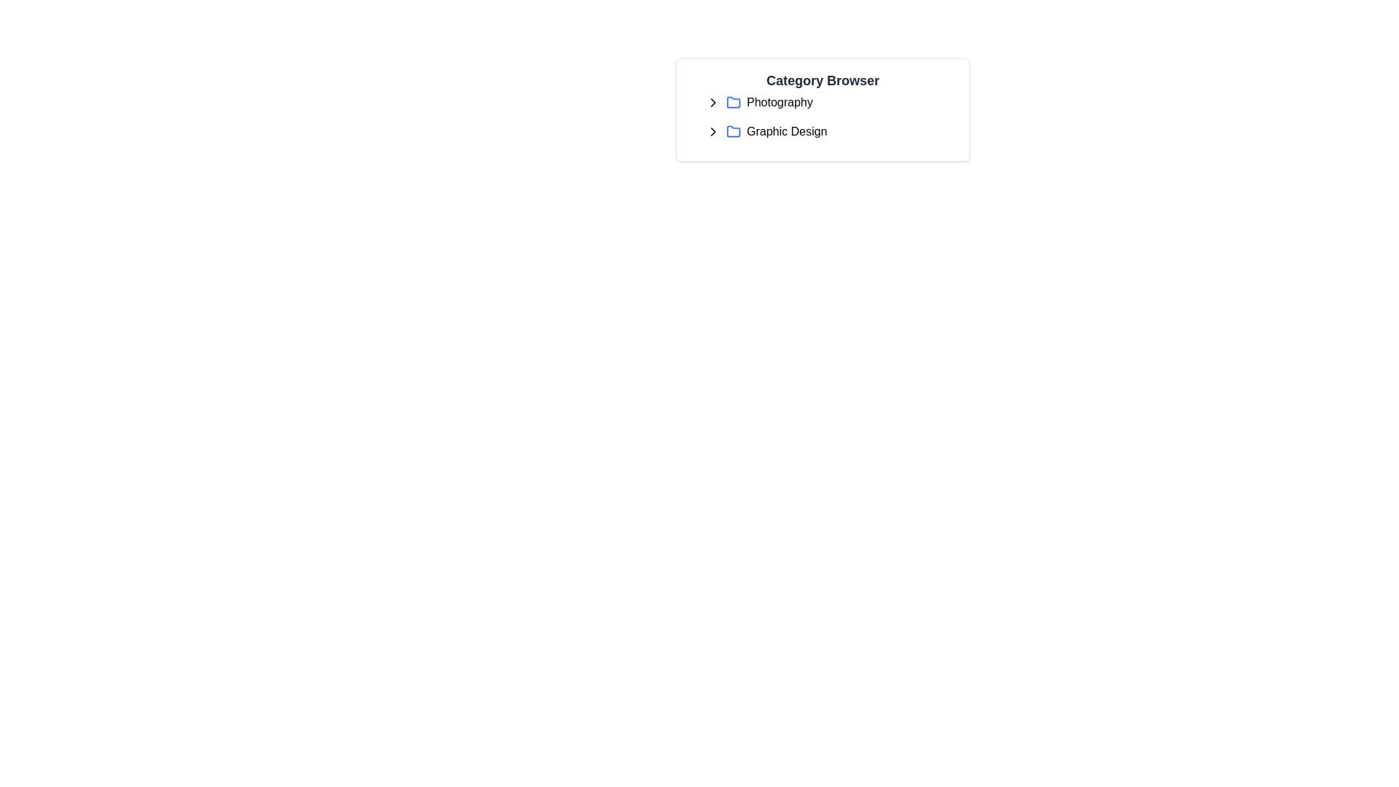  I want to click on the blue folder icon next to the text 'Graphic Design', so click(734, 132).